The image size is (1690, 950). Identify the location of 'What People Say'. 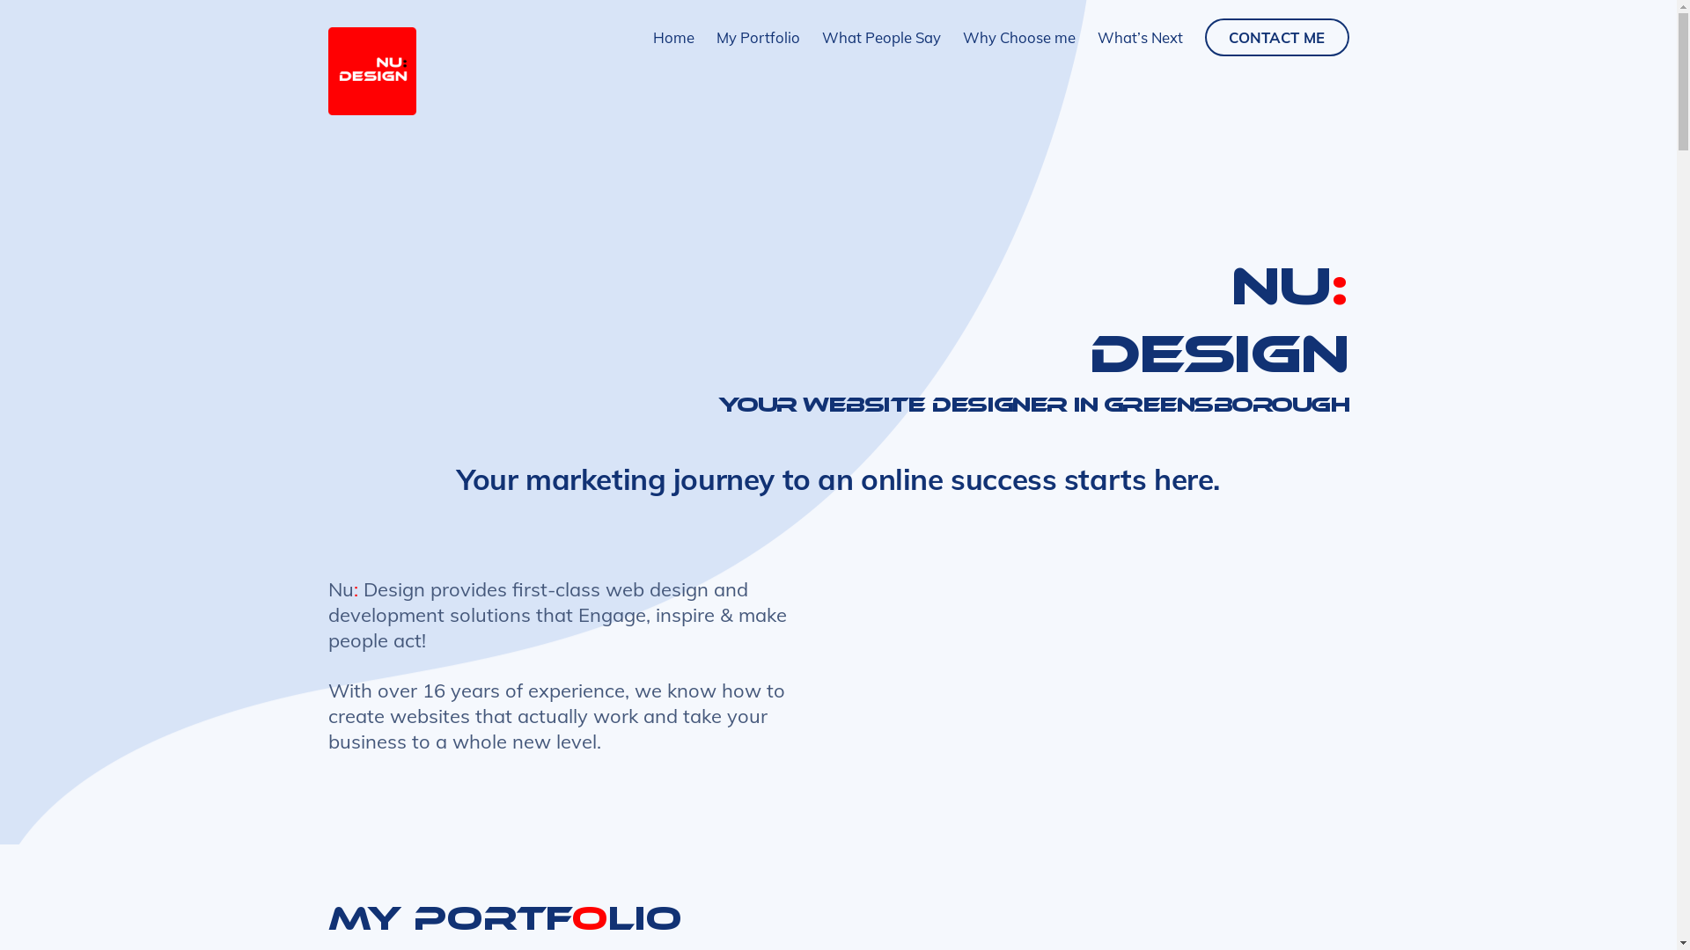
(881, 37).